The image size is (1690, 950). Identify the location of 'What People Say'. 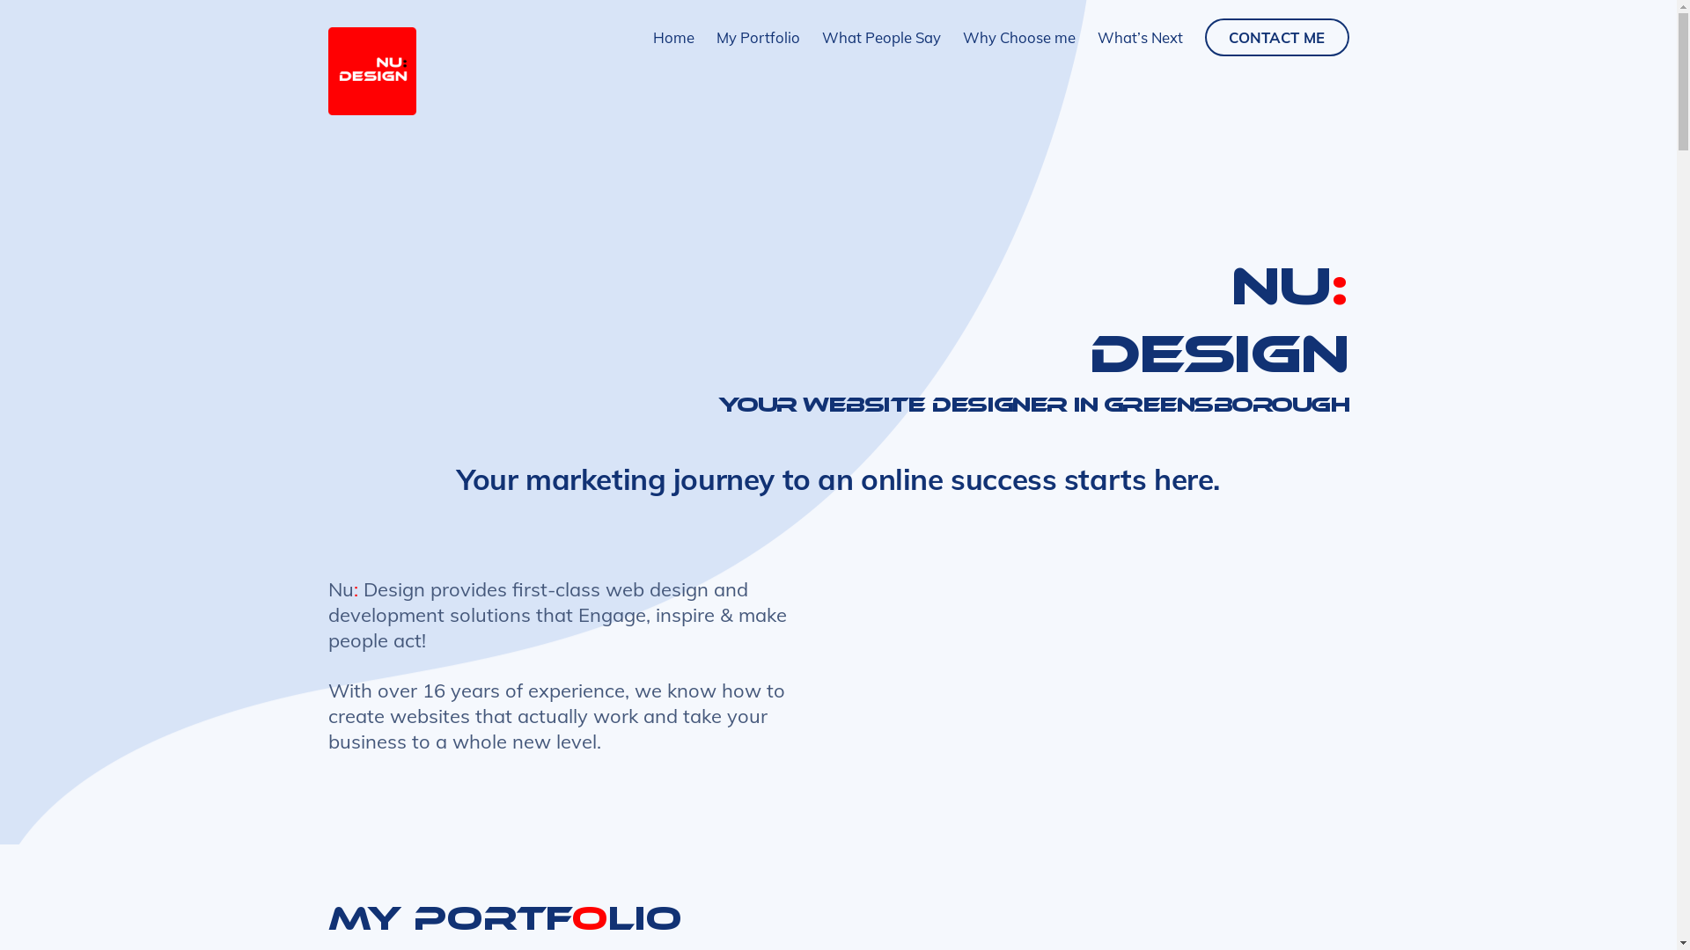
(881, 37).